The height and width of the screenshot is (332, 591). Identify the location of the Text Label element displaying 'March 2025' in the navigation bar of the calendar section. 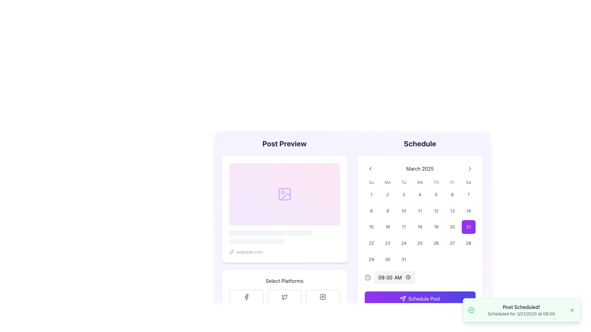
(420, 168).